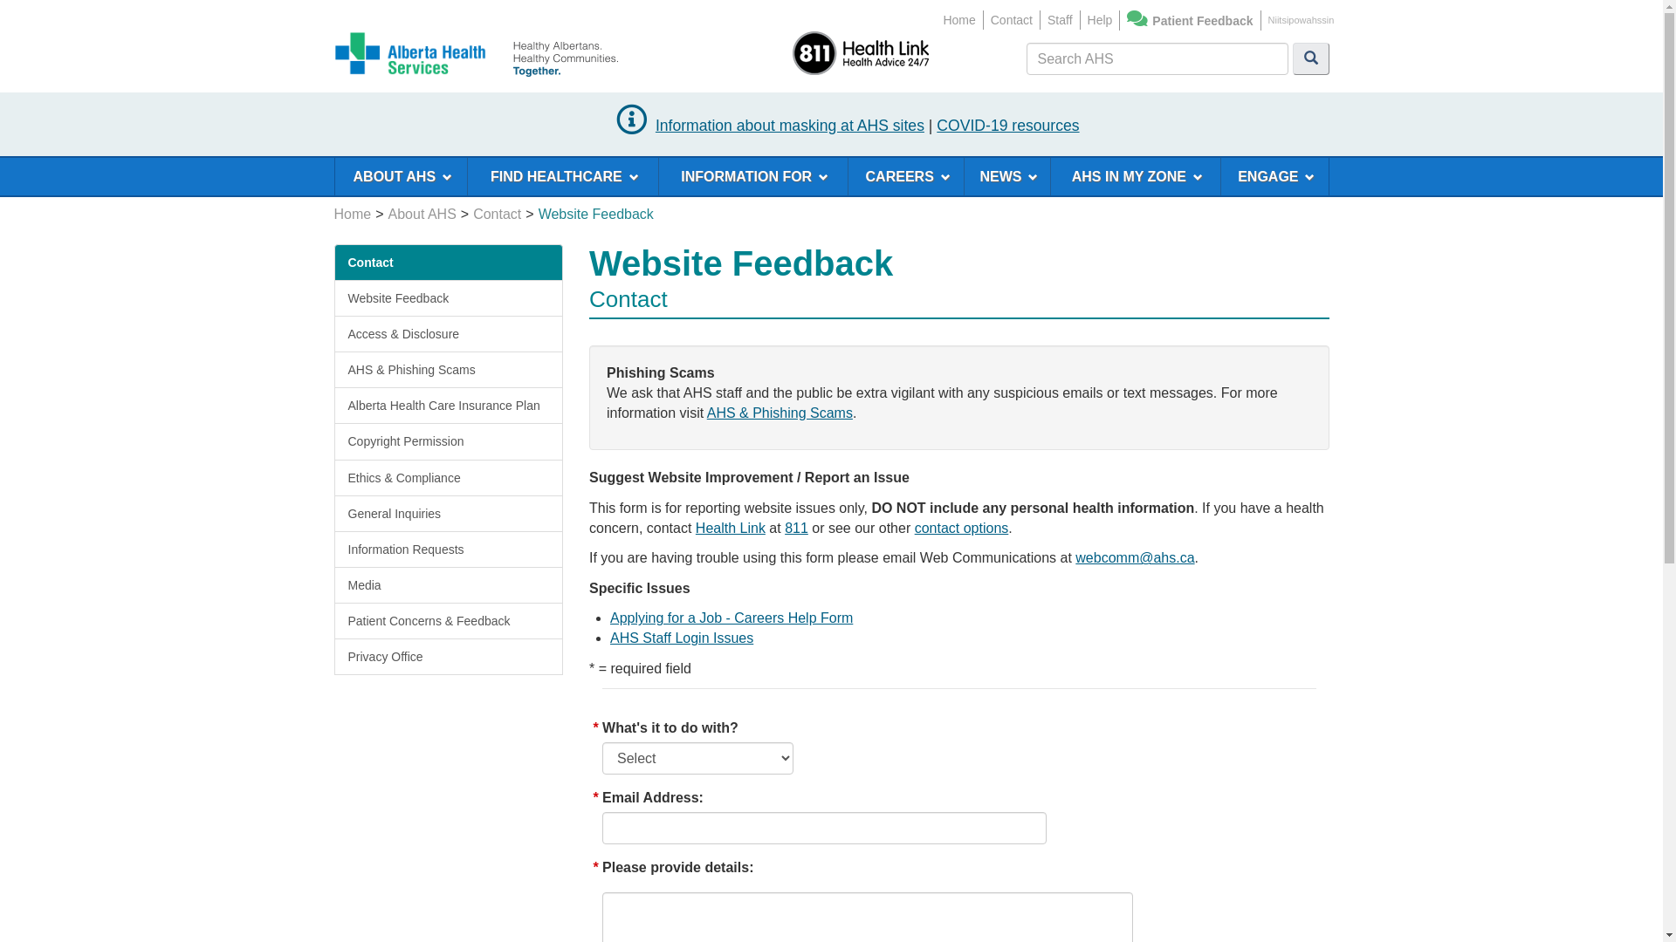 The image size is (1676, 942). Describe the element at coordinates (681, 638) in the screenshot. I see `'AHS Staff Login Issues'` at that location.